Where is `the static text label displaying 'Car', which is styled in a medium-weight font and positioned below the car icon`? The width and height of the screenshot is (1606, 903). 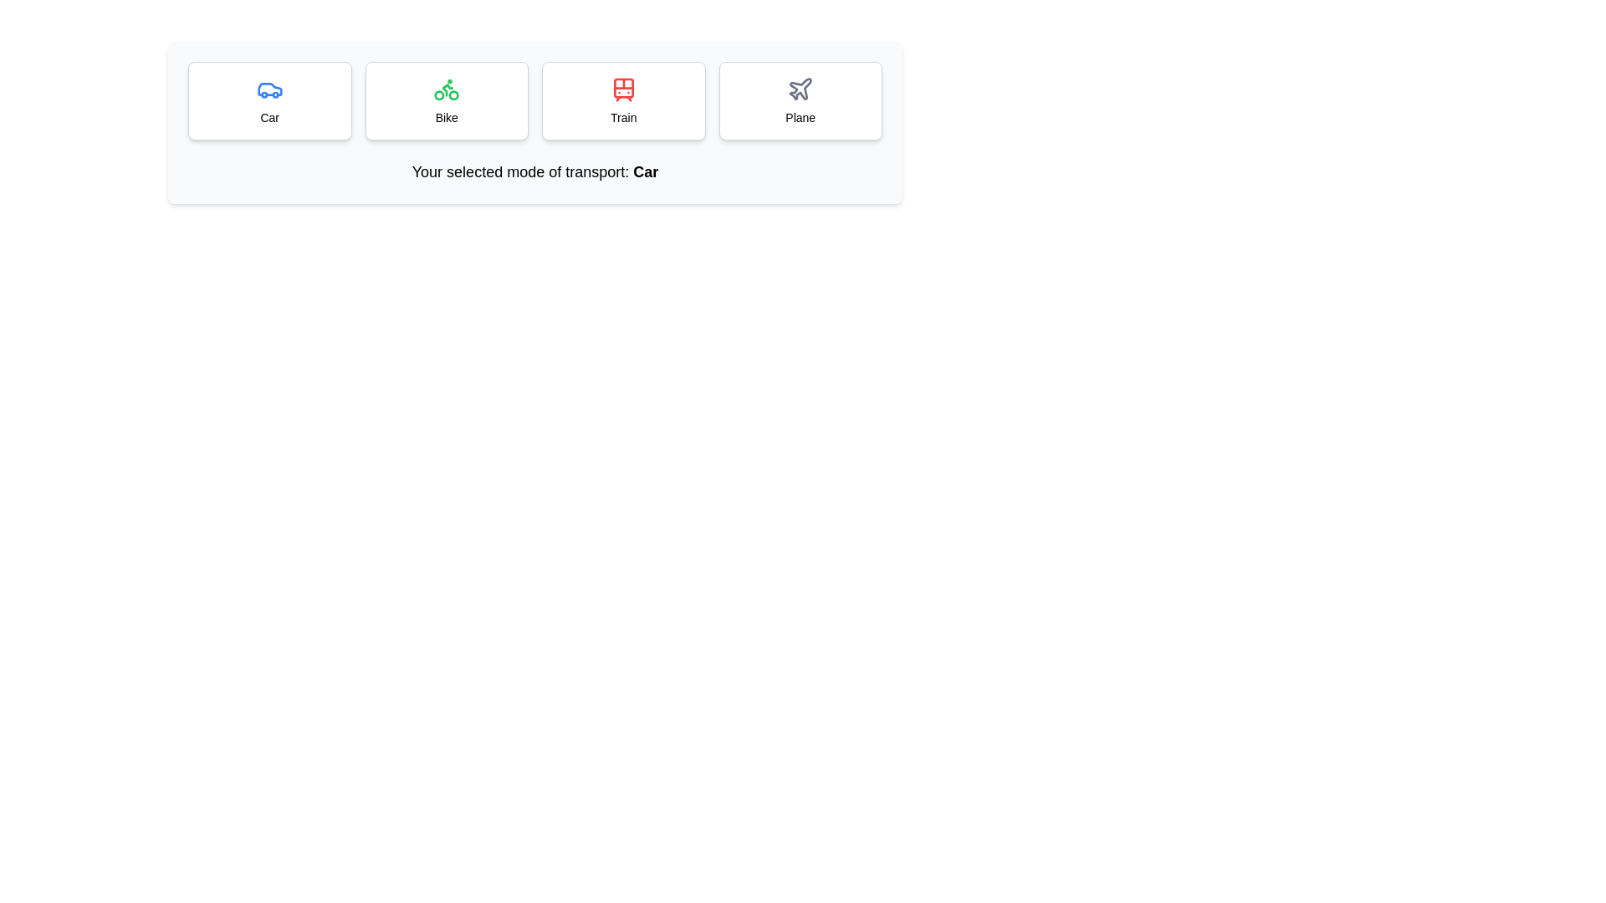
the static text label displaying 'Car', which is styled in a medium-weight font and positioned below the car icon is located at coordinates (269, 117).